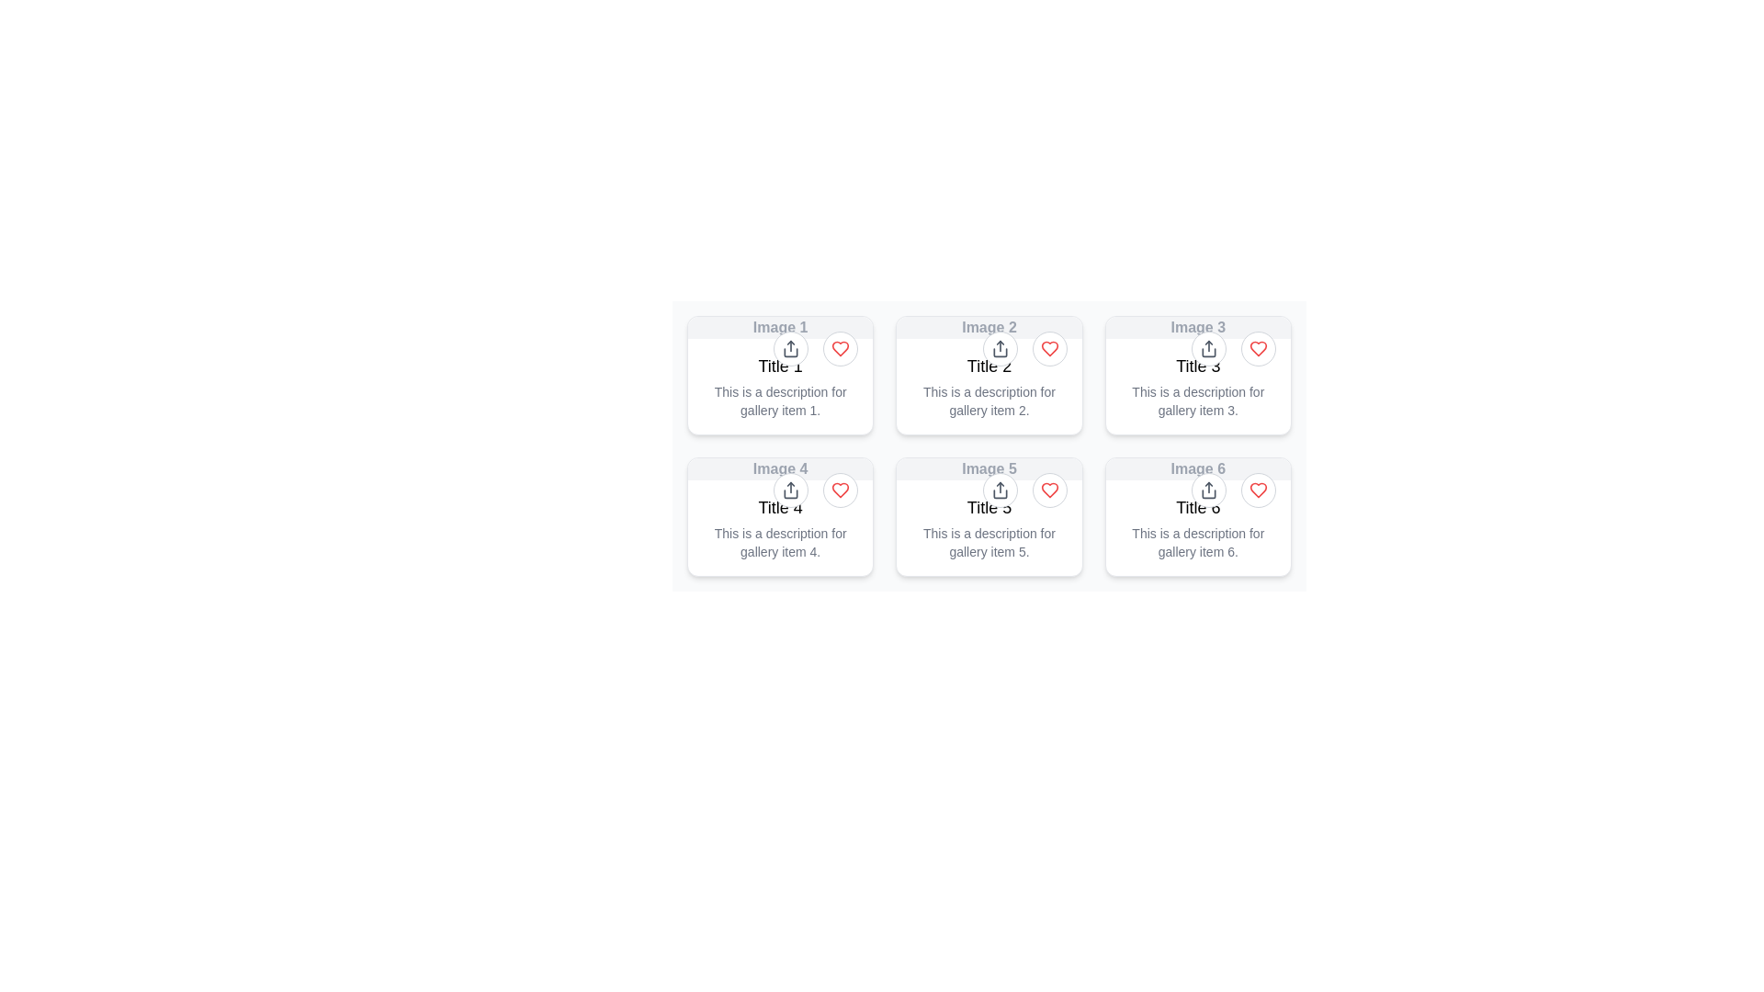 The height and width of the screenshot is (992, 1764). I want to click on the heart icon in the top-right corner of the second card, which is styled with a red heart symbol, so click(1023, 349).